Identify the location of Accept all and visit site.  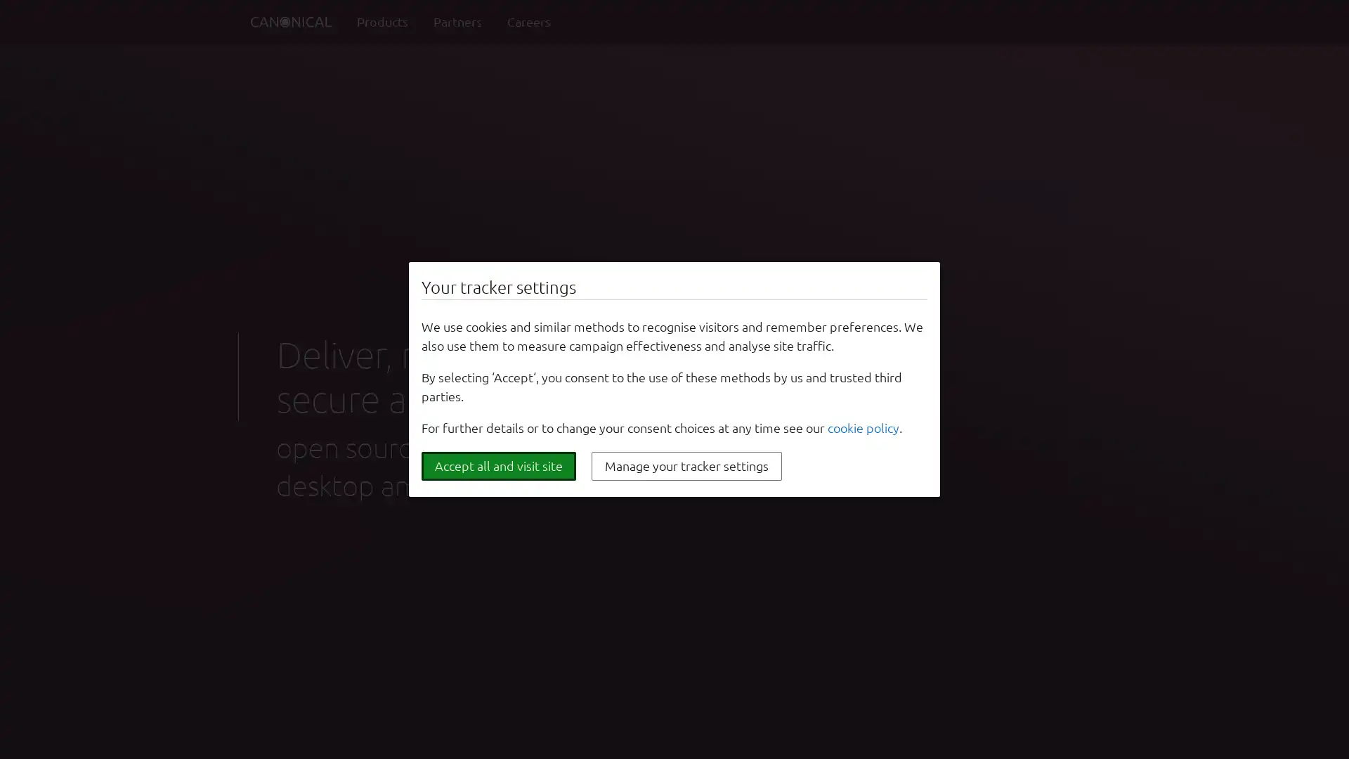
(499, 466).